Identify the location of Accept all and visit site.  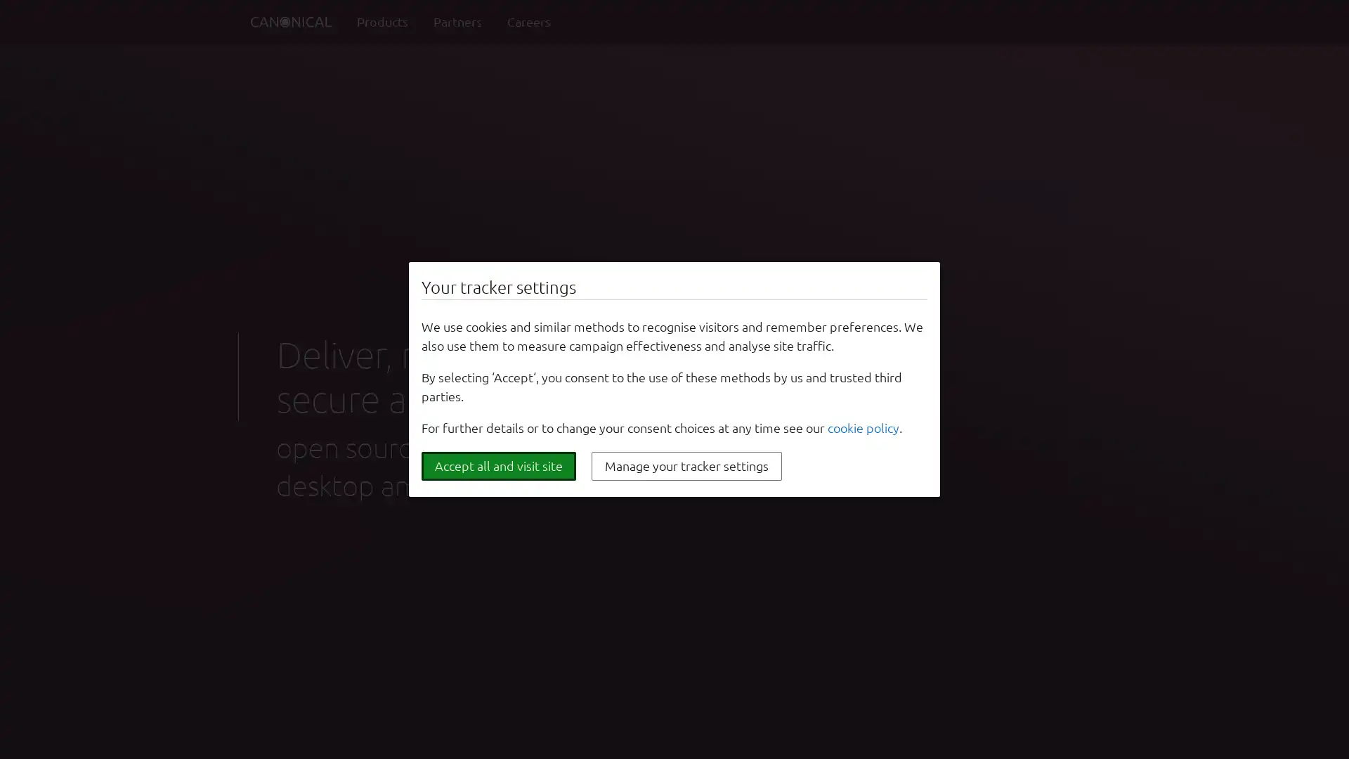
(499, 466).